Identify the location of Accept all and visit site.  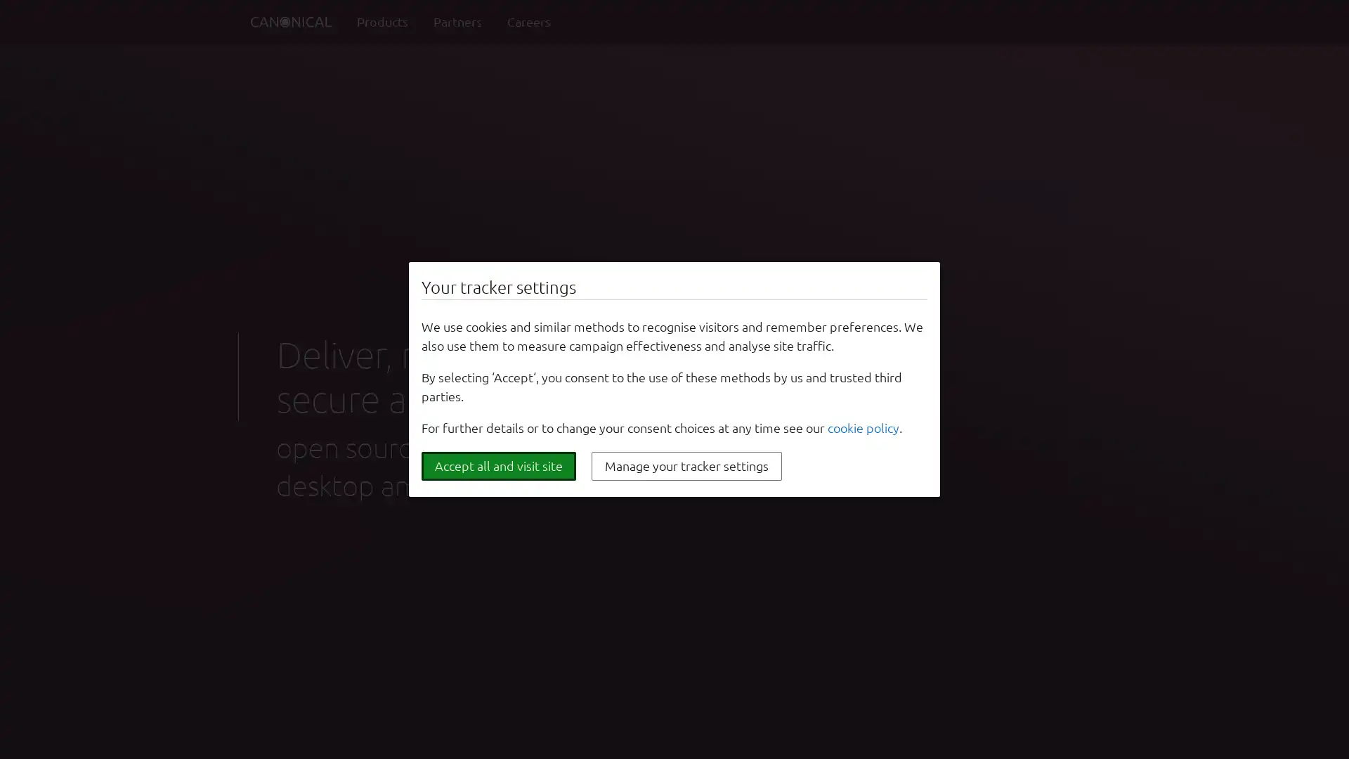
(499, 466).